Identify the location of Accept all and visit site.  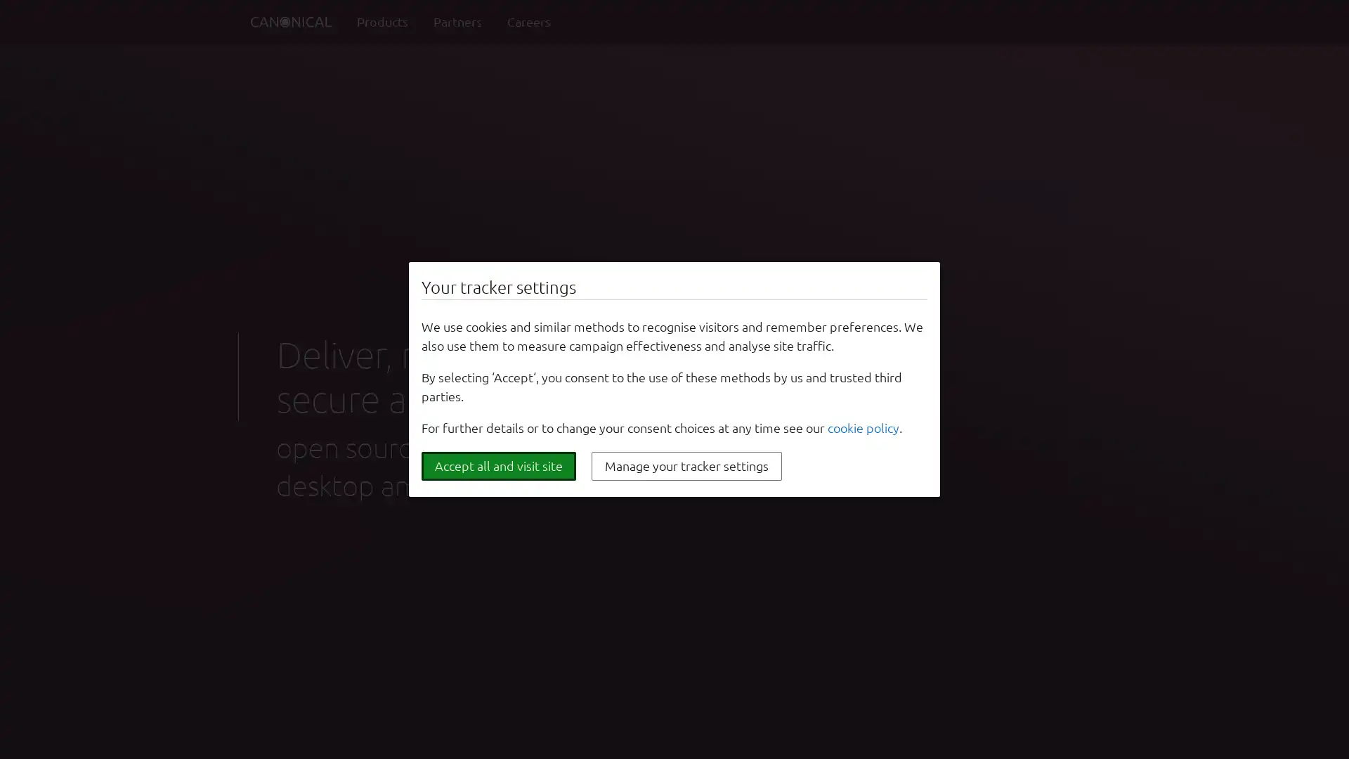
(499, 466).